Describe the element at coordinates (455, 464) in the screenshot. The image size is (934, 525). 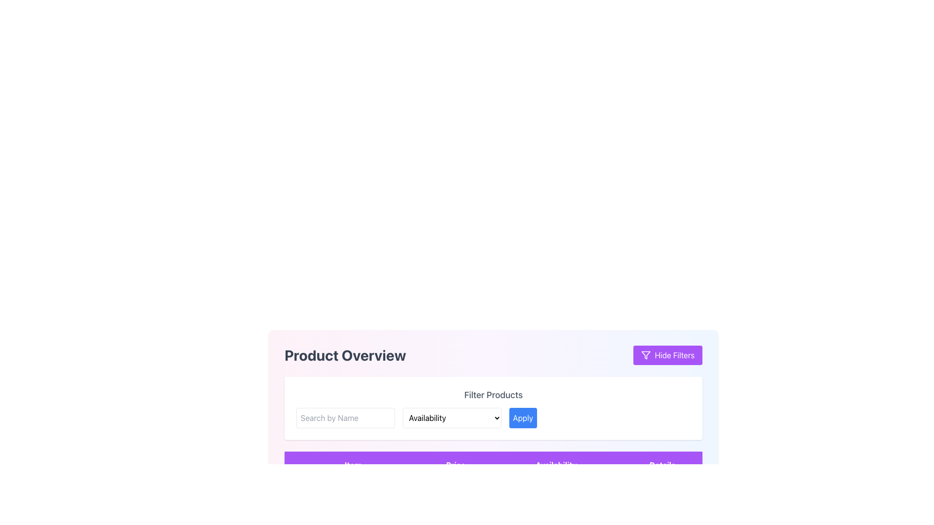
I see `the 'Price' static text label, which is styled with a purple background and white text, located in the second position of a horizontal menu containing 'Item', 'Price', 'Availability', and 'Details'` at that location.